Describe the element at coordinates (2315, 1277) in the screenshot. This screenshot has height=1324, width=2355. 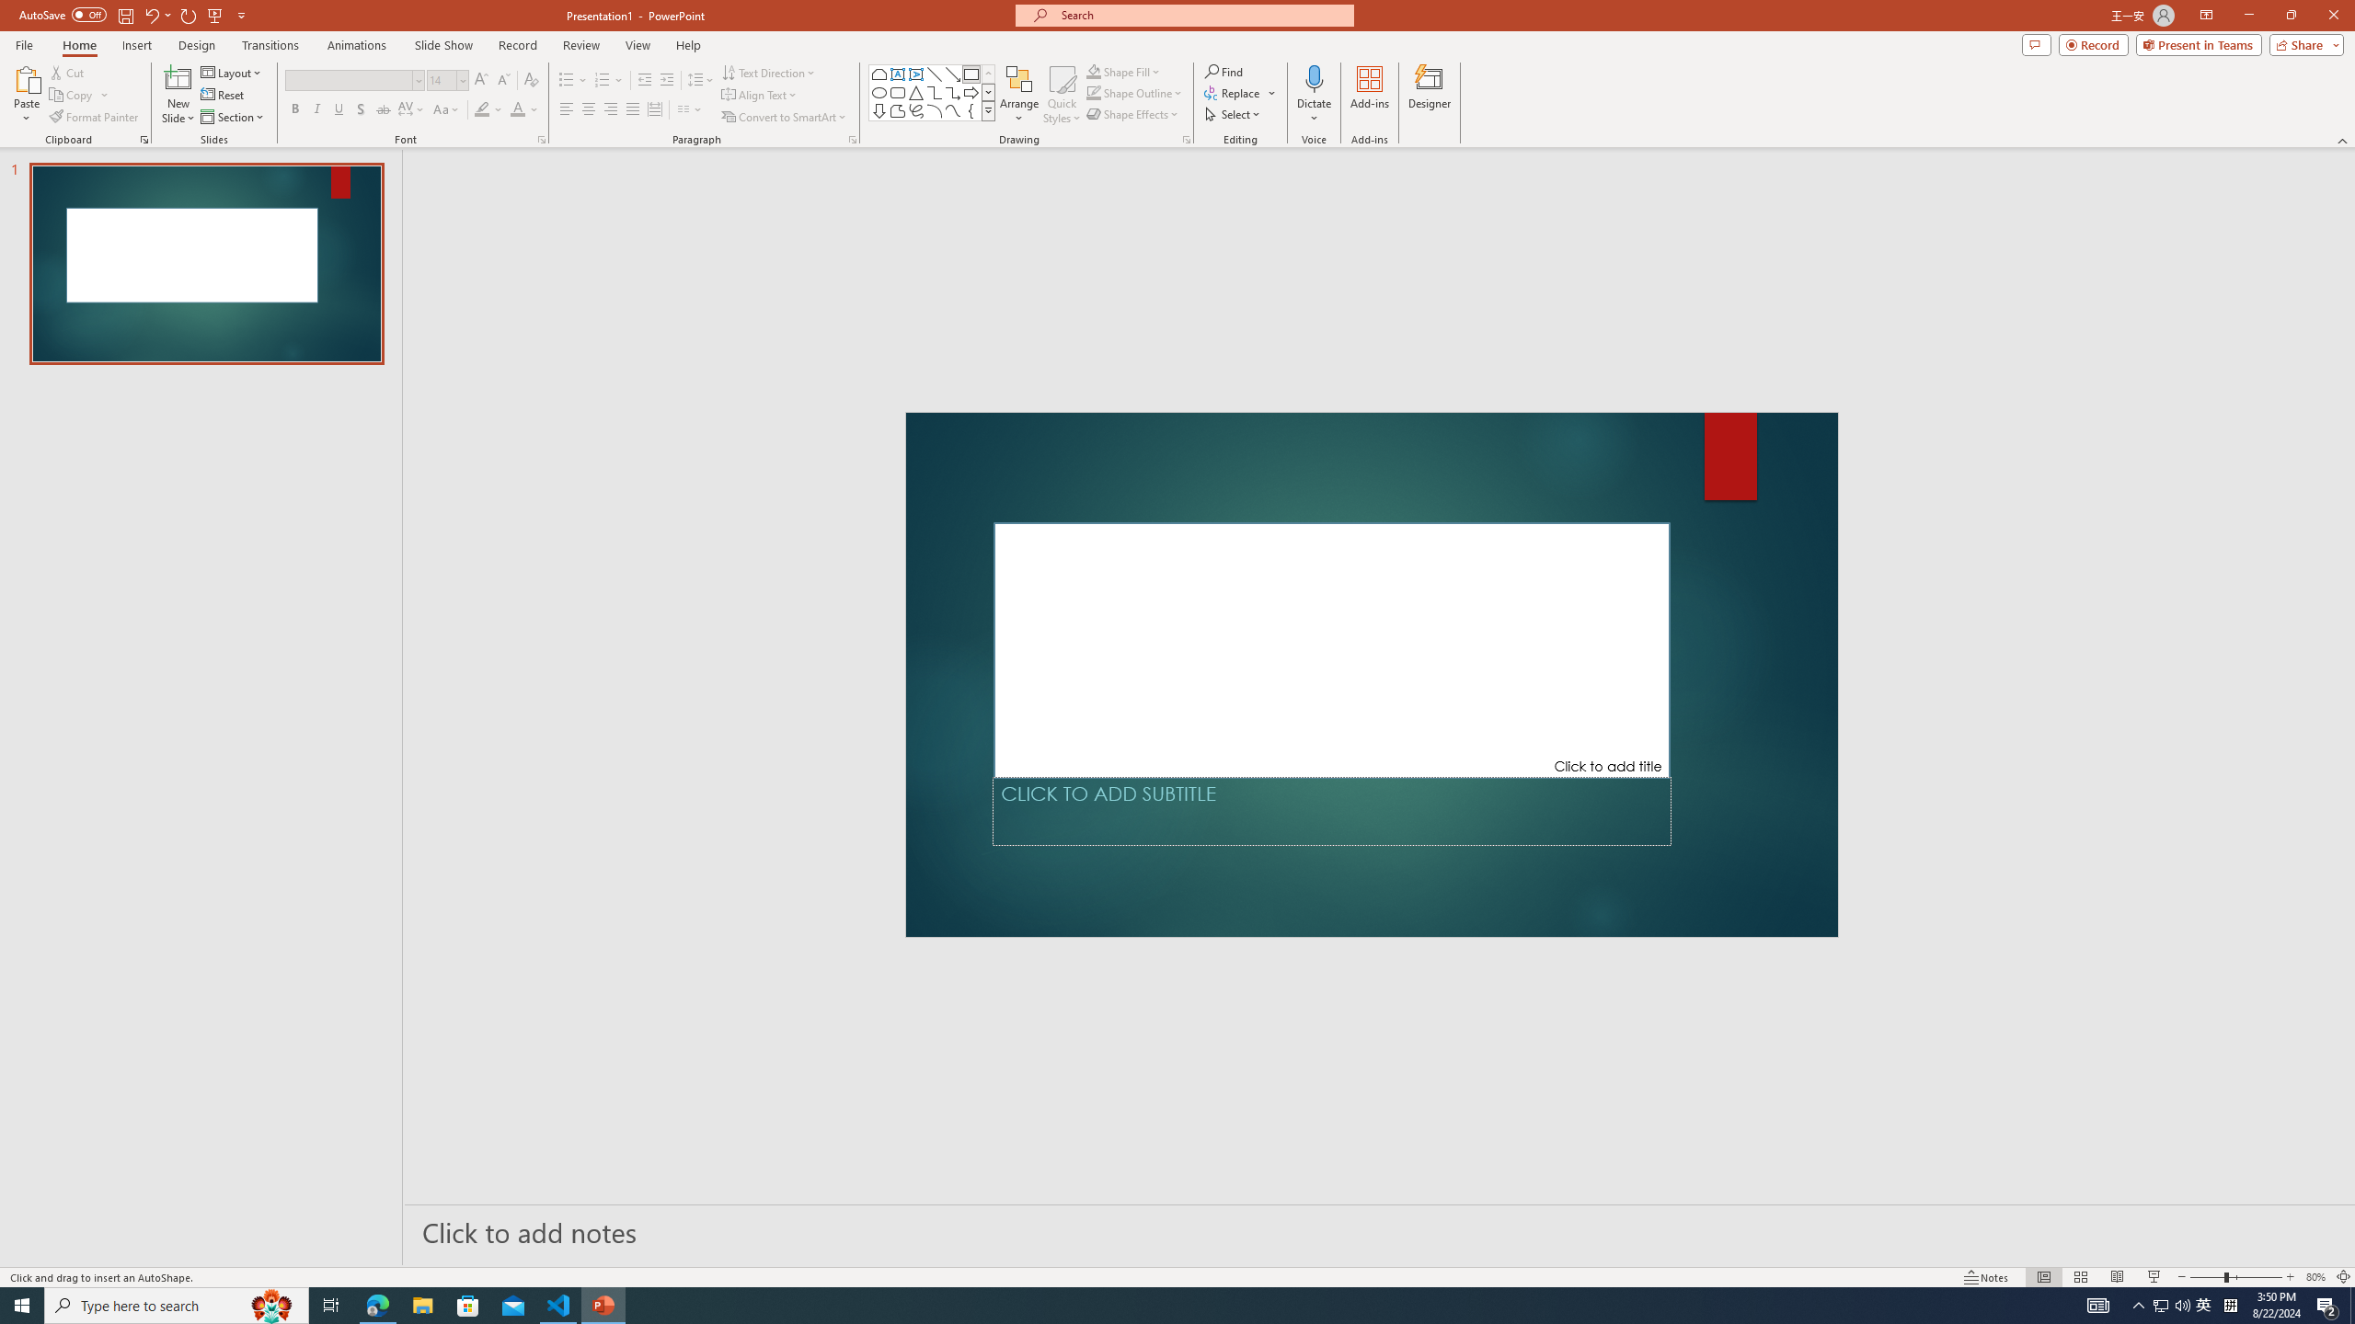
I see `'Zoom 80%'` at that location.